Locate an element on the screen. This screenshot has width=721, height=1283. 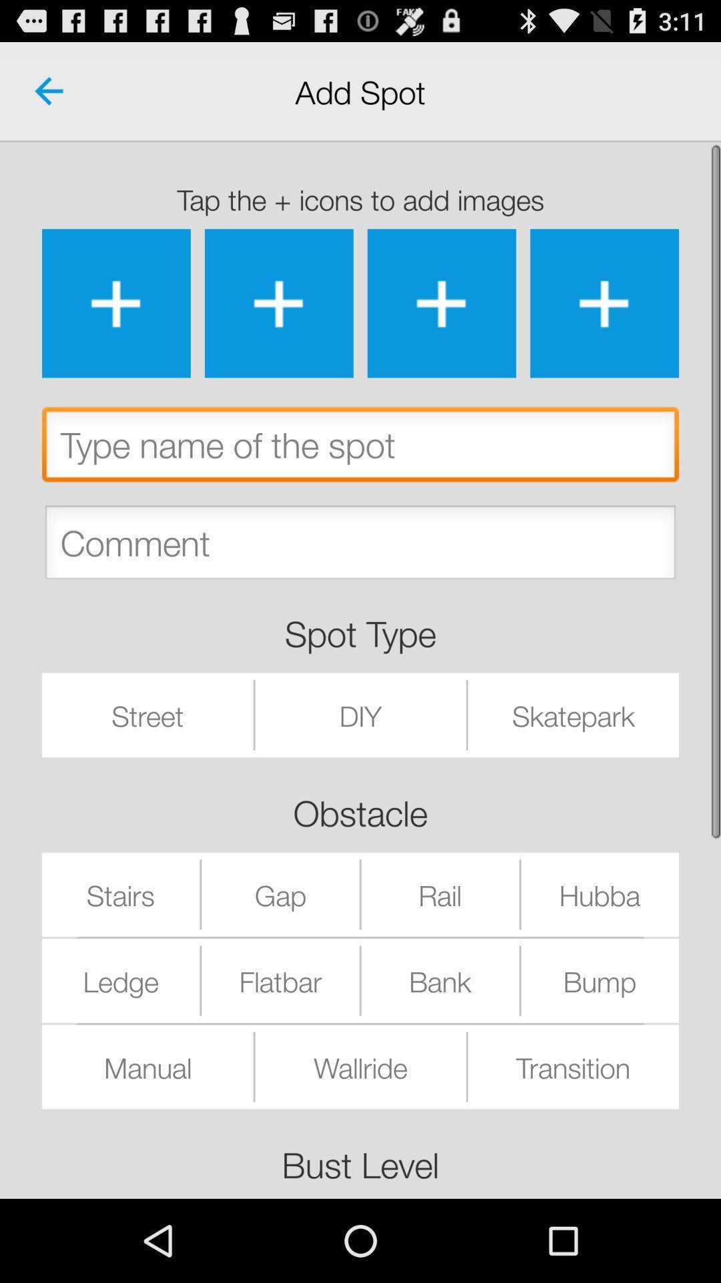
type name row is located at coordinates (360, 448).